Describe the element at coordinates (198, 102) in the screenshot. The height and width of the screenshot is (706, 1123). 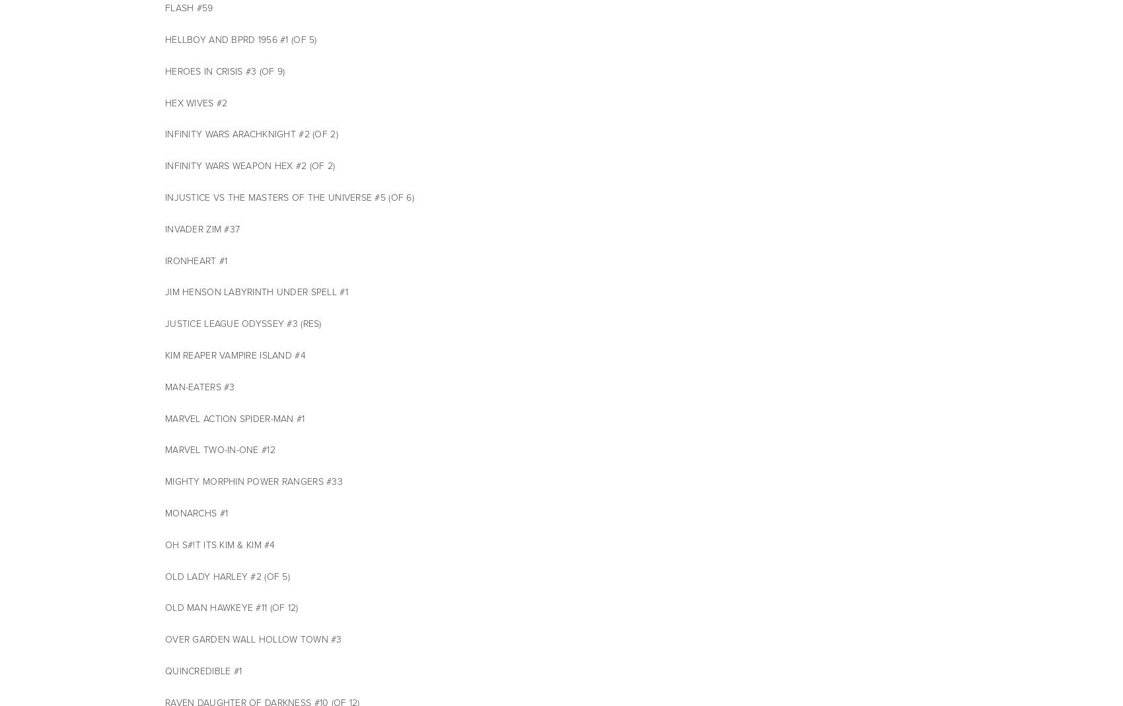
I see `'HEX WIVES #2'` at that location.